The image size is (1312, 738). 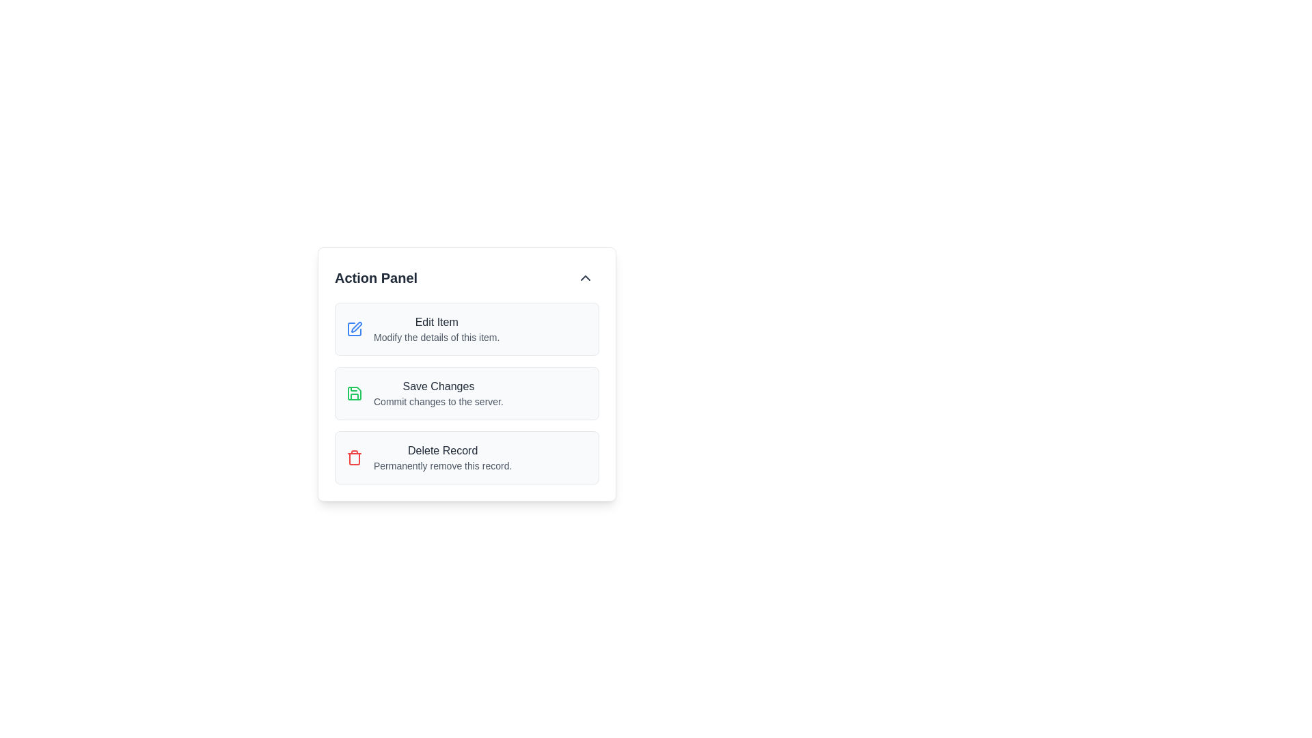 I want to click on the text label that displays 'Save Changes' and 'Commit changes to the server.' This label is the second item in the Action Panel, featuring bold and lighter gray text, so click(x=438, y=393).